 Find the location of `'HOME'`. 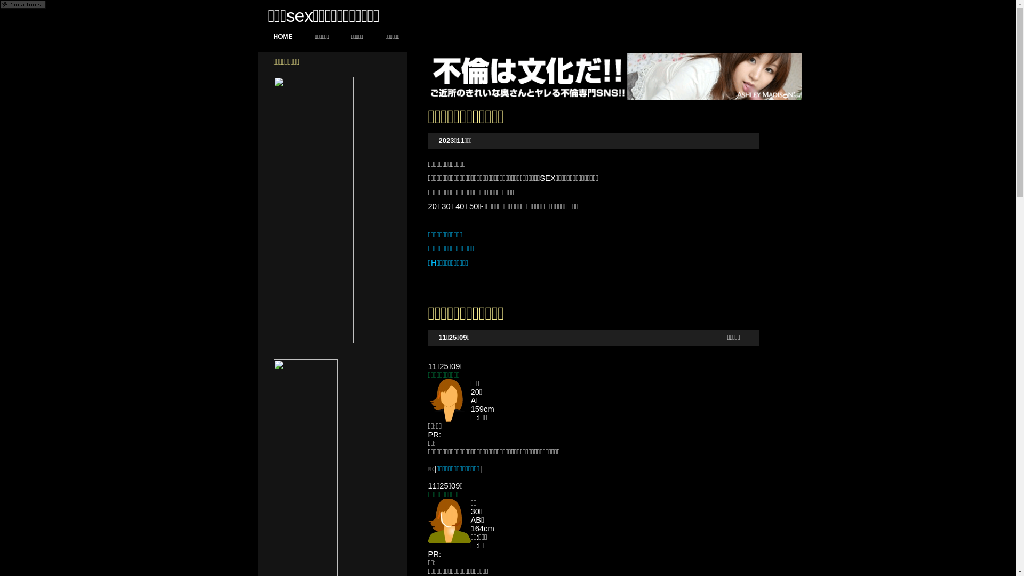

'HOME' is located at coordinates (262, 36).